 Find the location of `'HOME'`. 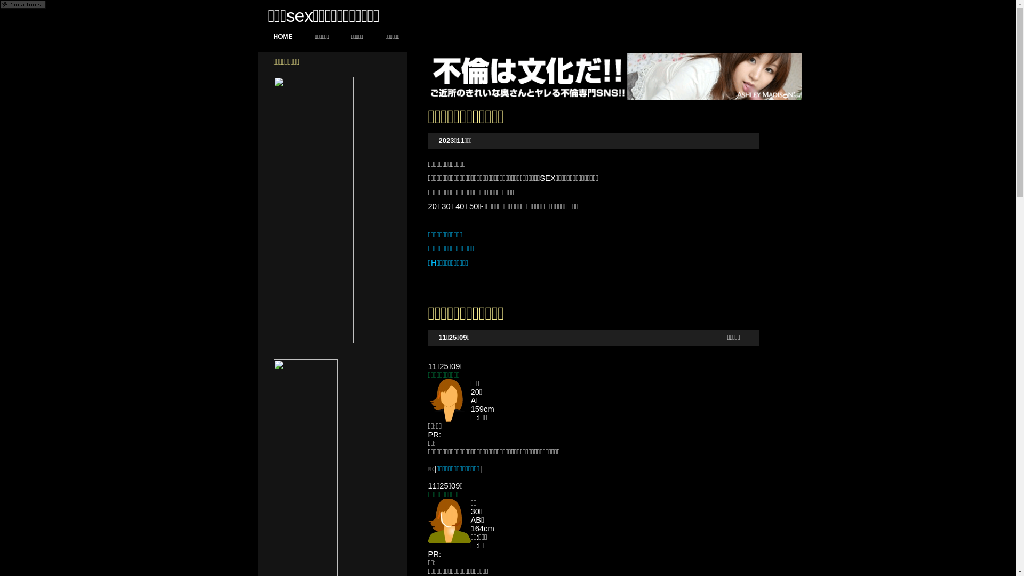

'HOME' is located at coordinates (262, 36).